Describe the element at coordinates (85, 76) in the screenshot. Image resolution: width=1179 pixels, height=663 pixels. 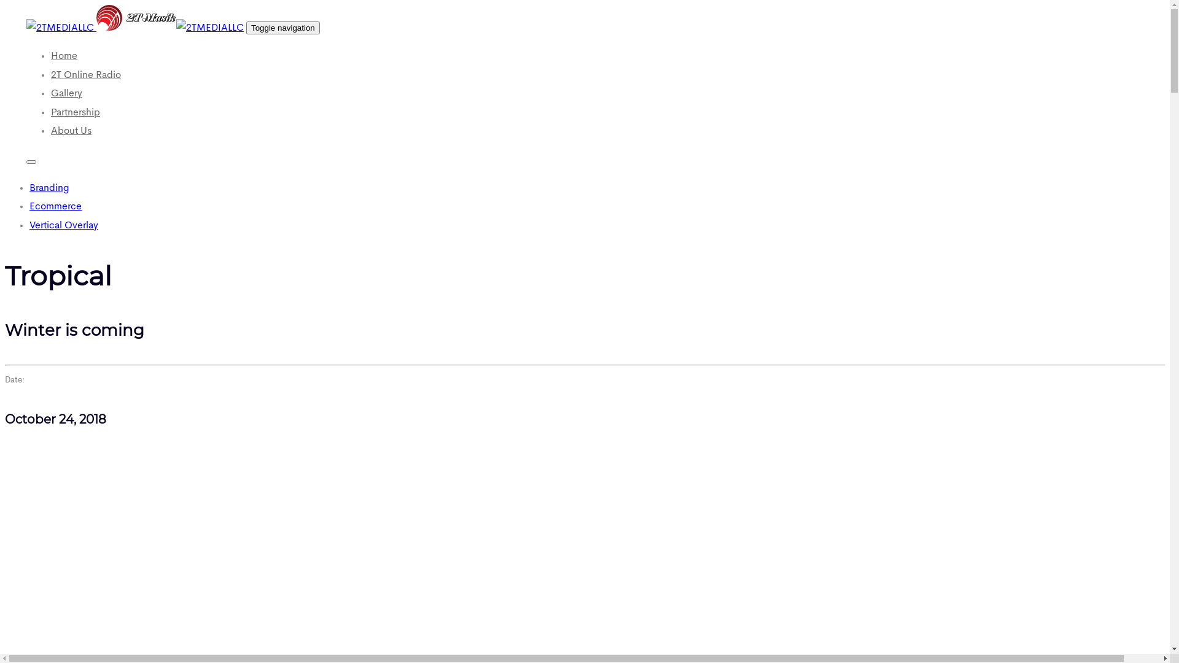
I see `'2T Online Radio'` at that location.